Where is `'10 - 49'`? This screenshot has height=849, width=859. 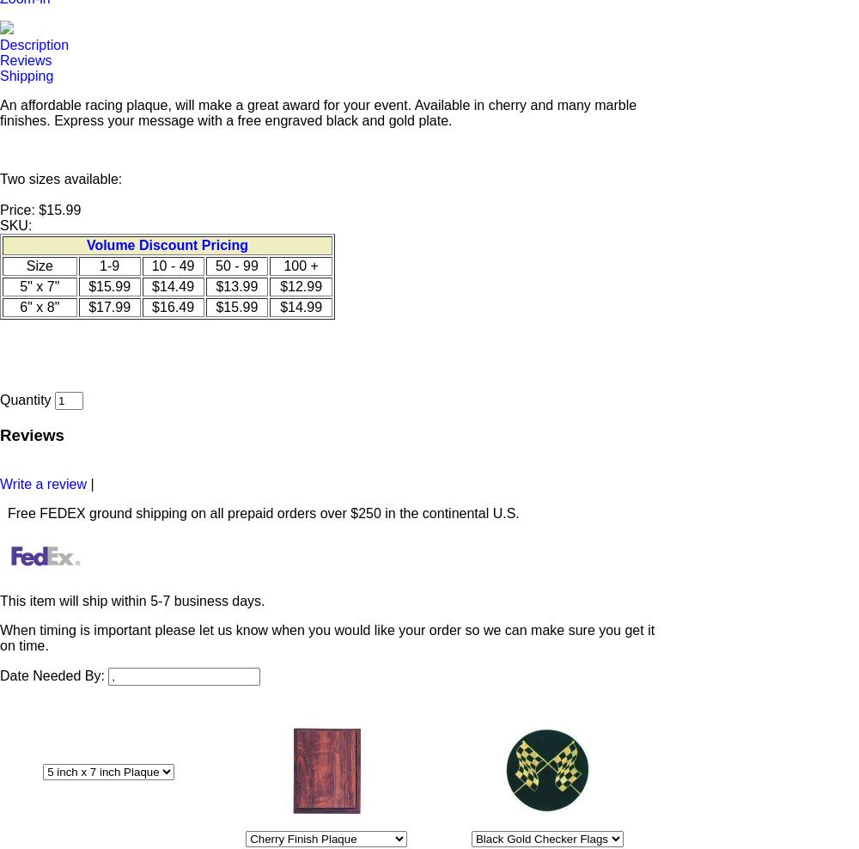 '10 - 49' is located at coordinates (172, 265).